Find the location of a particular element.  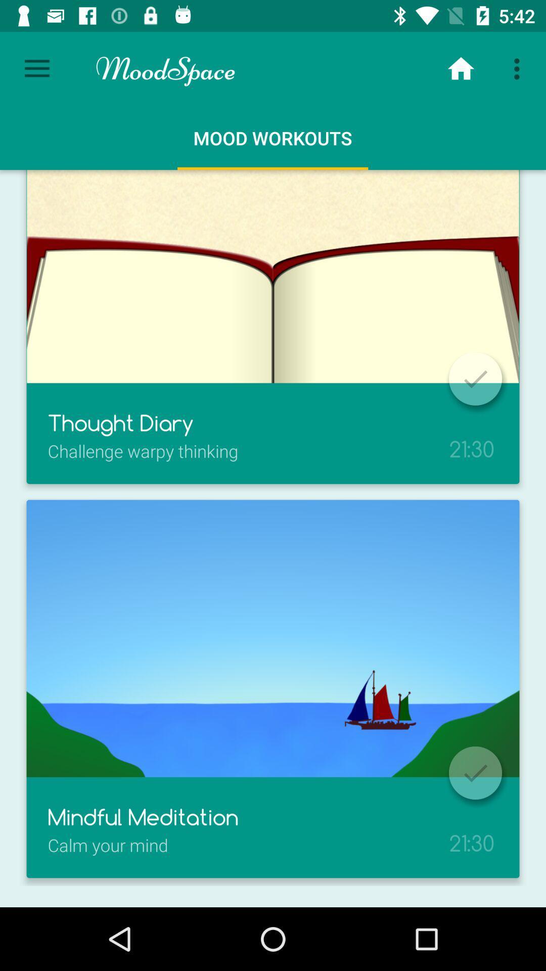

the home icon is located at coordinates (461, 69).